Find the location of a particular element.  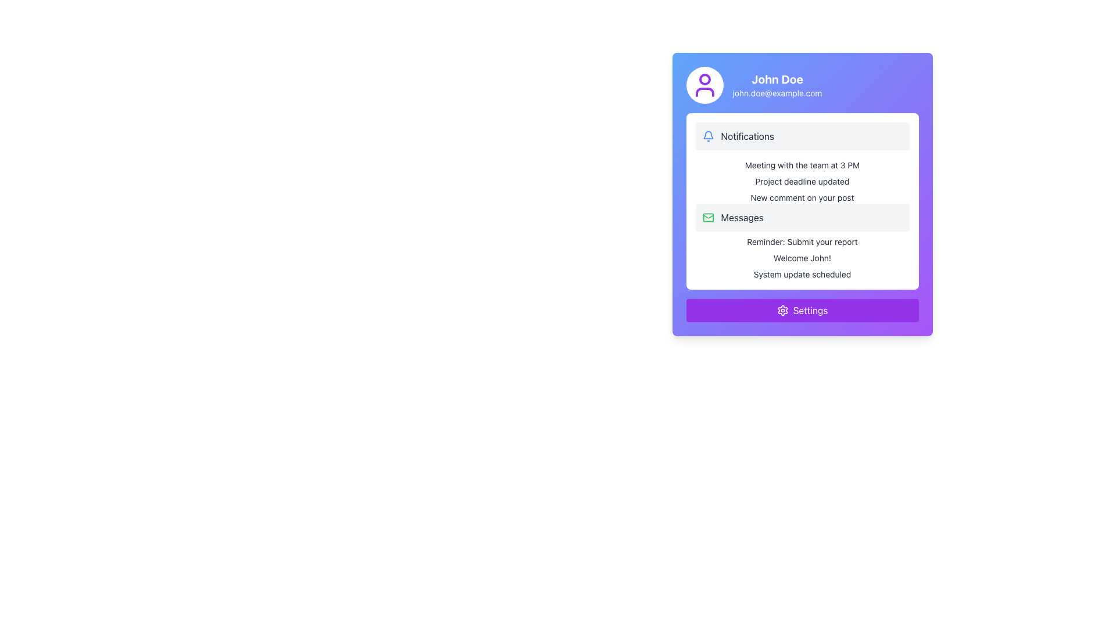

the purple user silhouette icon located at the top left corner of the vertical card interface next to the name 'John Doe' is located at coordinates (704, 84).